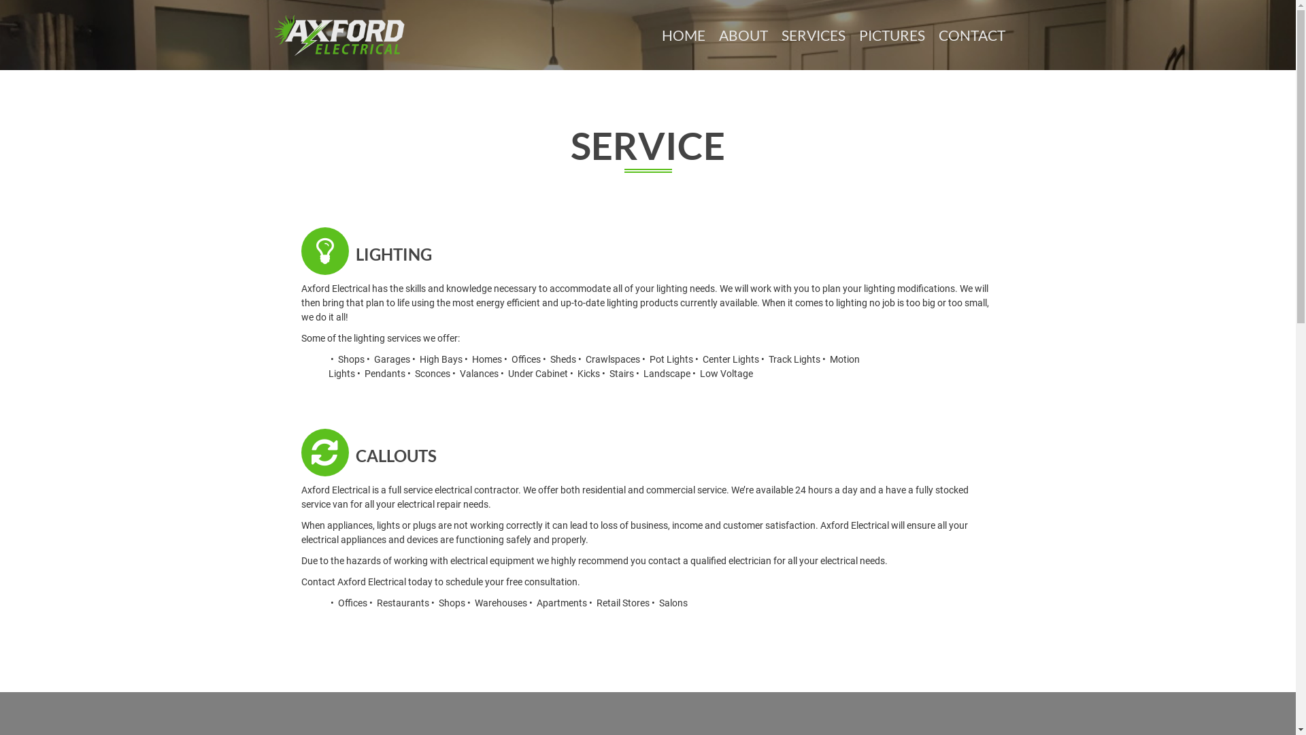 The height and width of the screenshot is (735, 1306). I want to click on 'ABOUT', so click(742, 34).